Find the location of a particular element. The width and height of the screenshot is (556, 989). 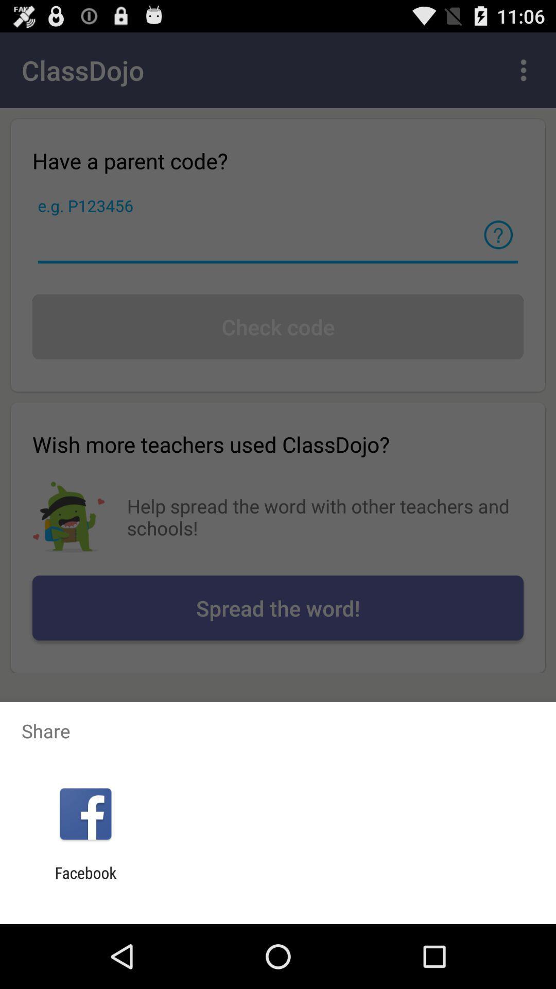

facebook is located at coordinates (85, 881).